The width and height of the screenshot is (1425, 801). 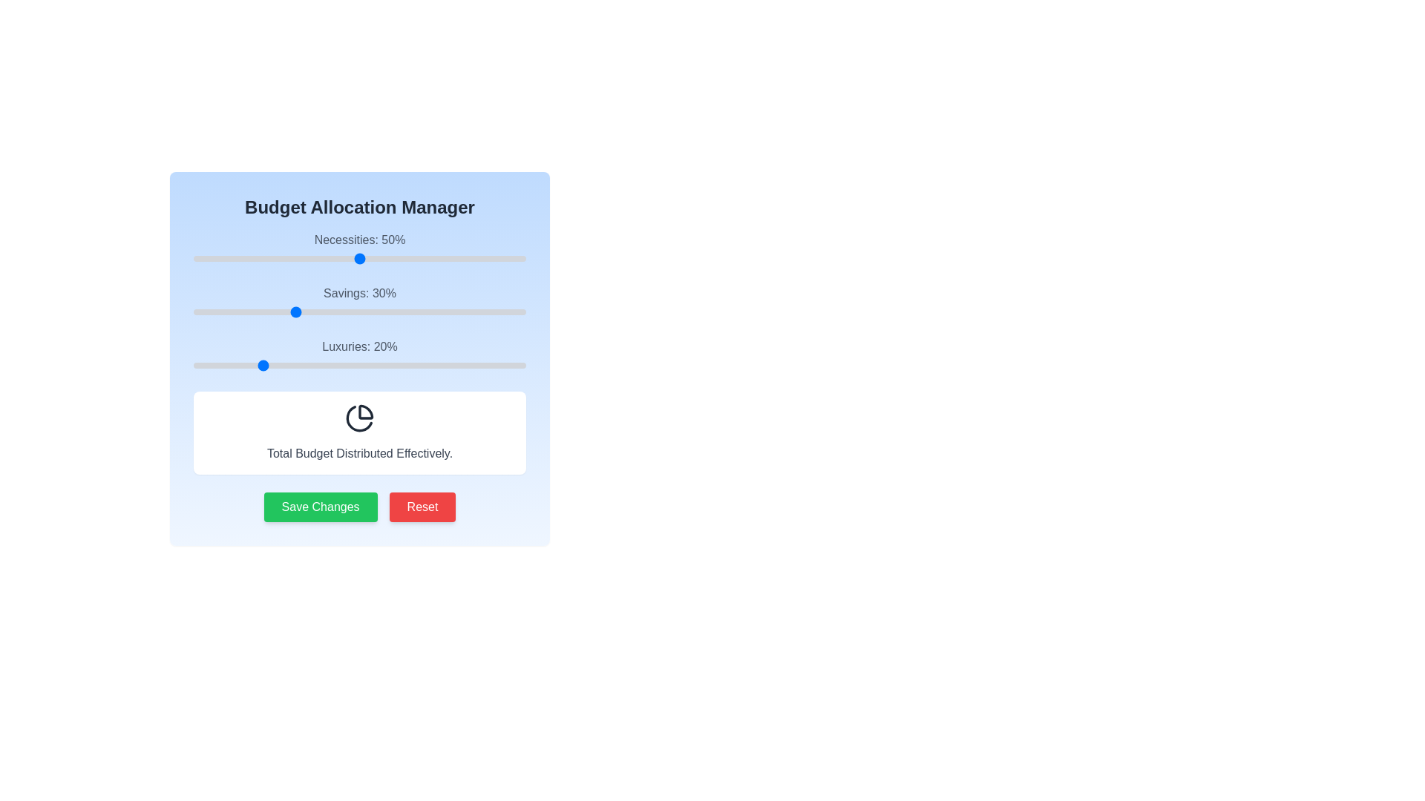 I want to click on the 'Necessities' slider, so click(x=482, y=257).